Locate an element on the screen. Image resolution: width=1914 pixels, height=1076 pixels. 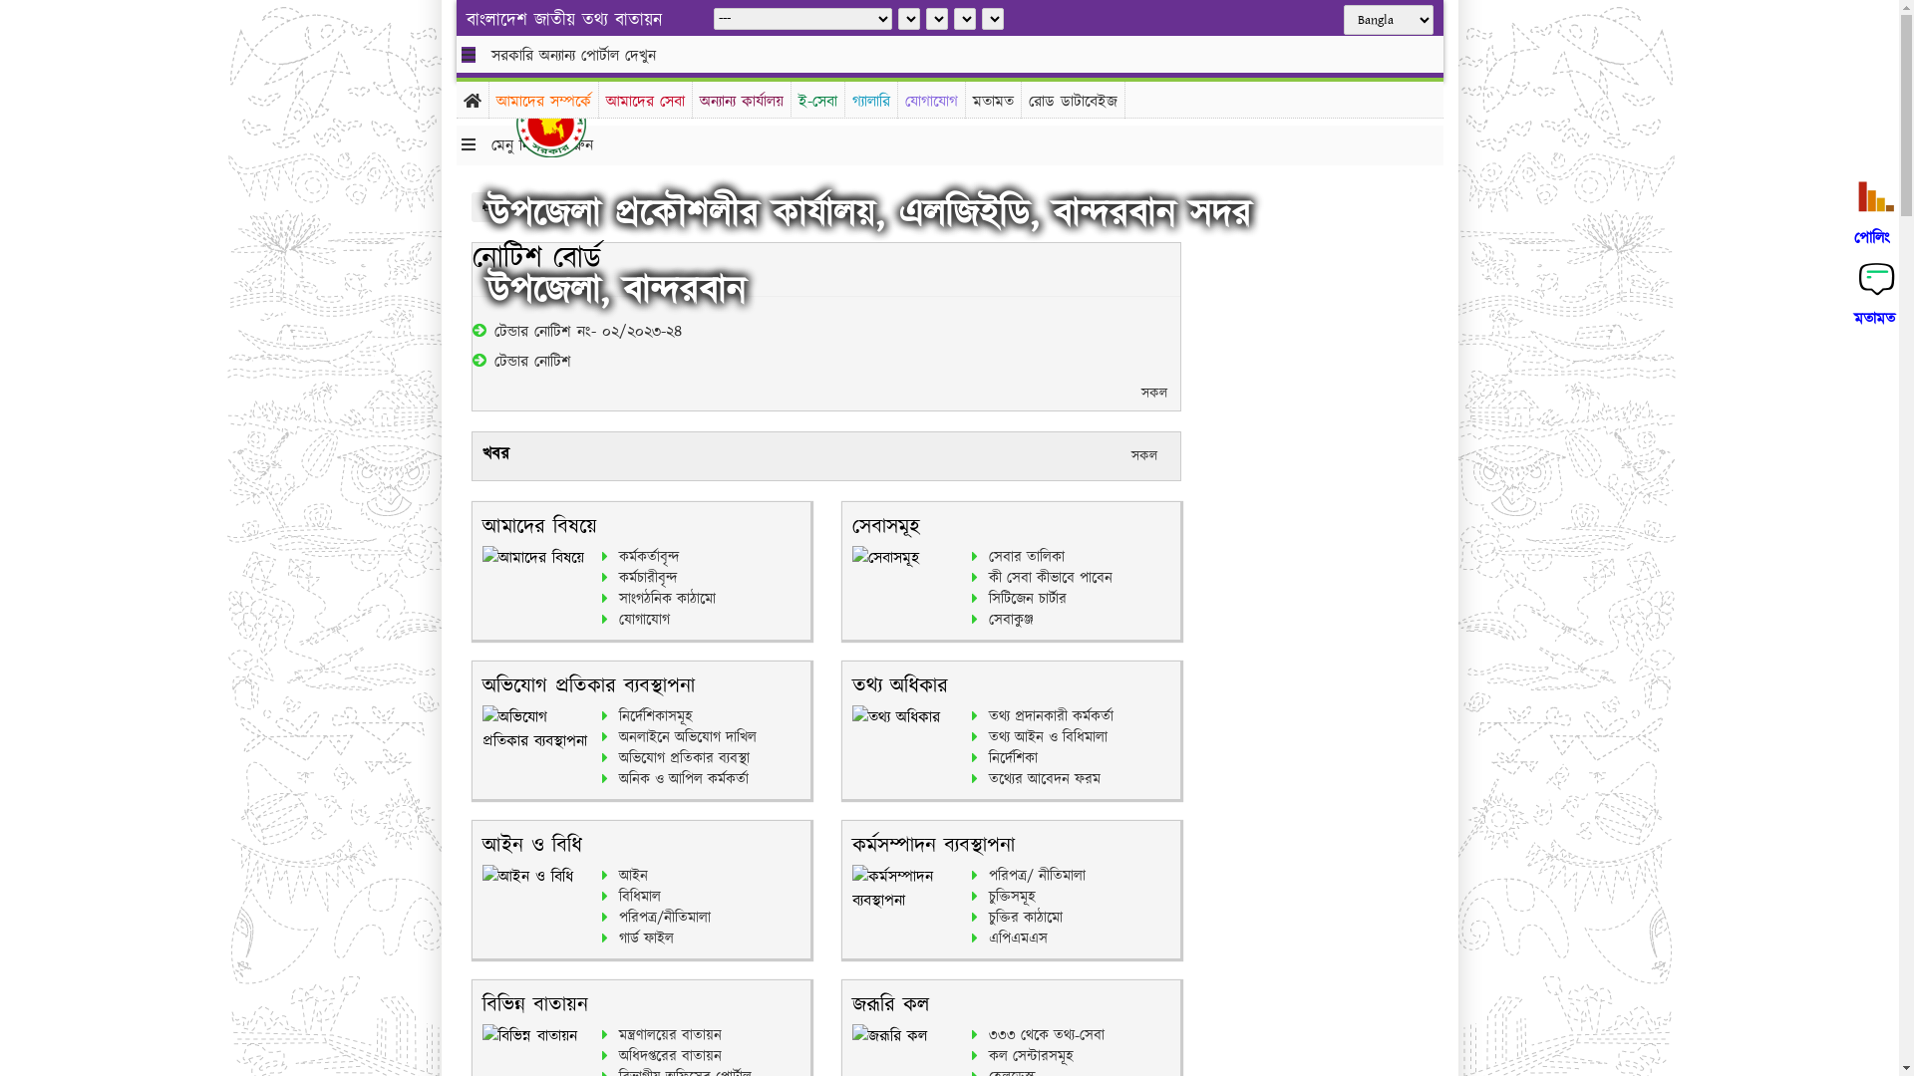
' is located at coordinates (565, 123).